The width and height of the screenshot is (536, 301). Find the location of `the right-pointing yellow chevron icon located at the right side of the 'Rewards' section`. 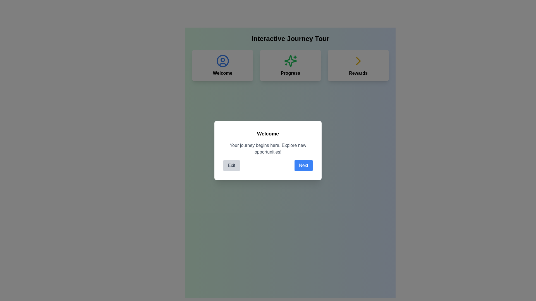

the right-pointing yellow chevron icon located at the right side of the 'Rewards' section is located at coordinates (358, 61).